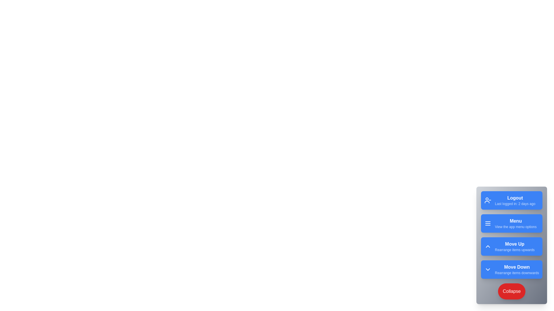 This screenshot has height=311, width=554. What do you see at coordinates (514, 249) in the screenshot?
I see `the Text label that provides context for the 'Move Up' action in the menu, situated below the 'Move Up' label and above the 'Move Down' section` at bounding box center [514, 249].